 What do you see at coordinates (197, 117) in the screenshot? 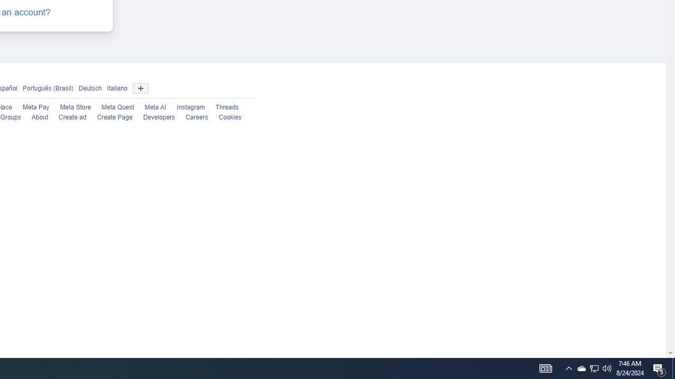
I see `'Careers'` at bounding box center [197, 117].